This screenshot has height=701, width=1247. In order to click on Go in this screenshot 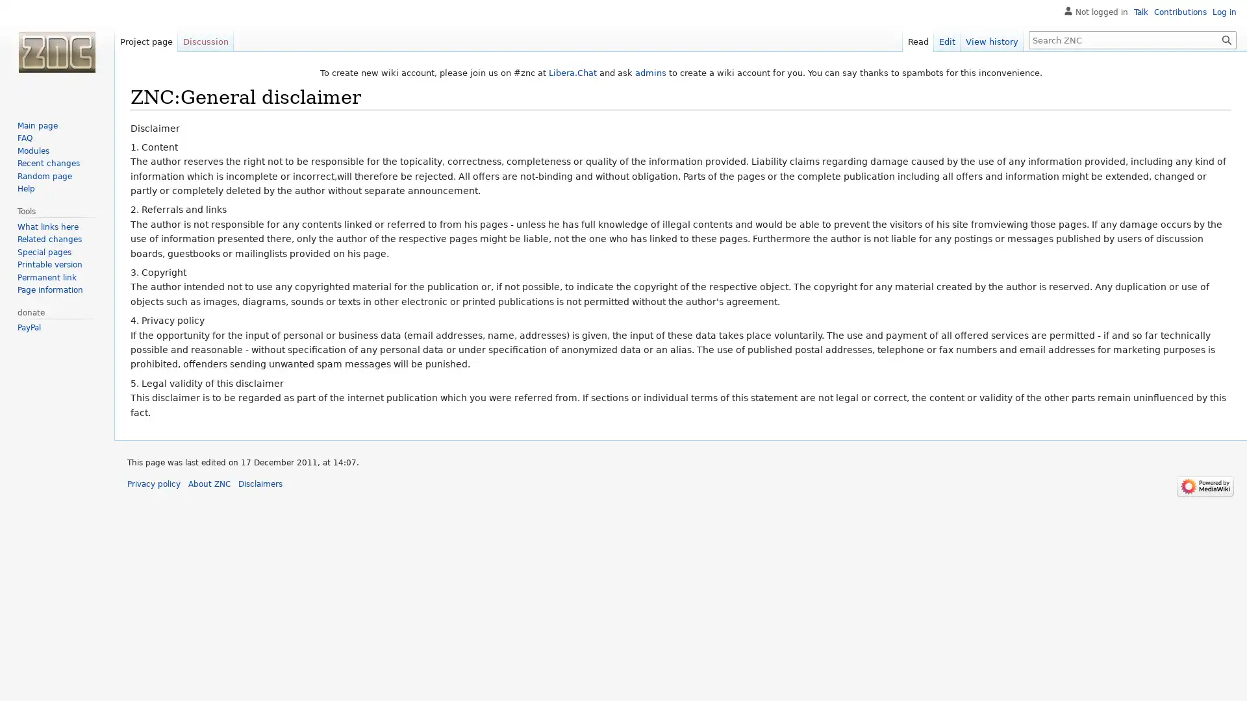, I will do `click(1226, 39)`.